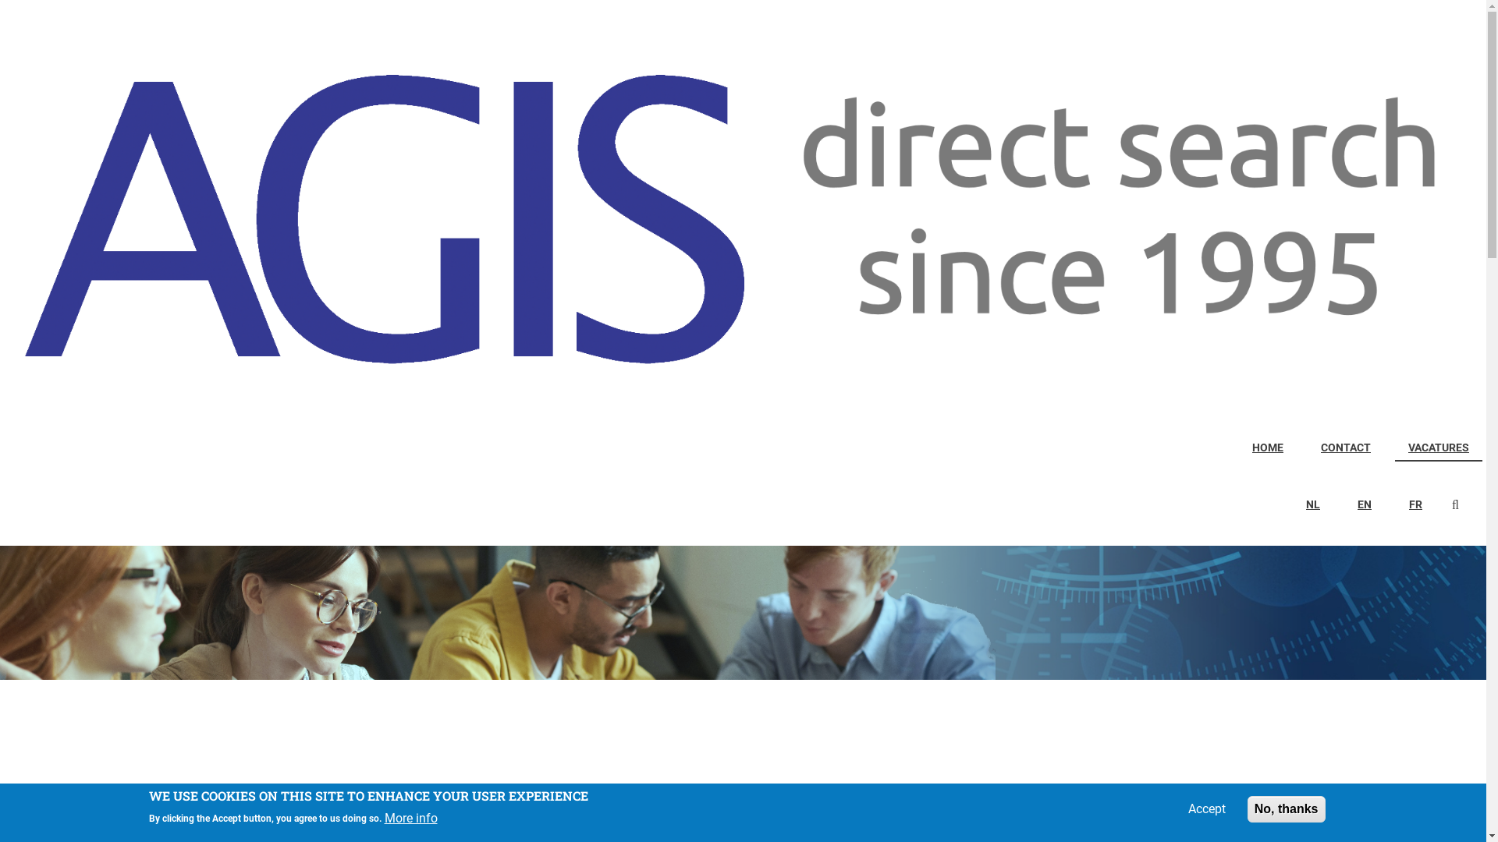 The image size is (1498, 842). I want to click on 'VACATURES', so click(1437, 448).